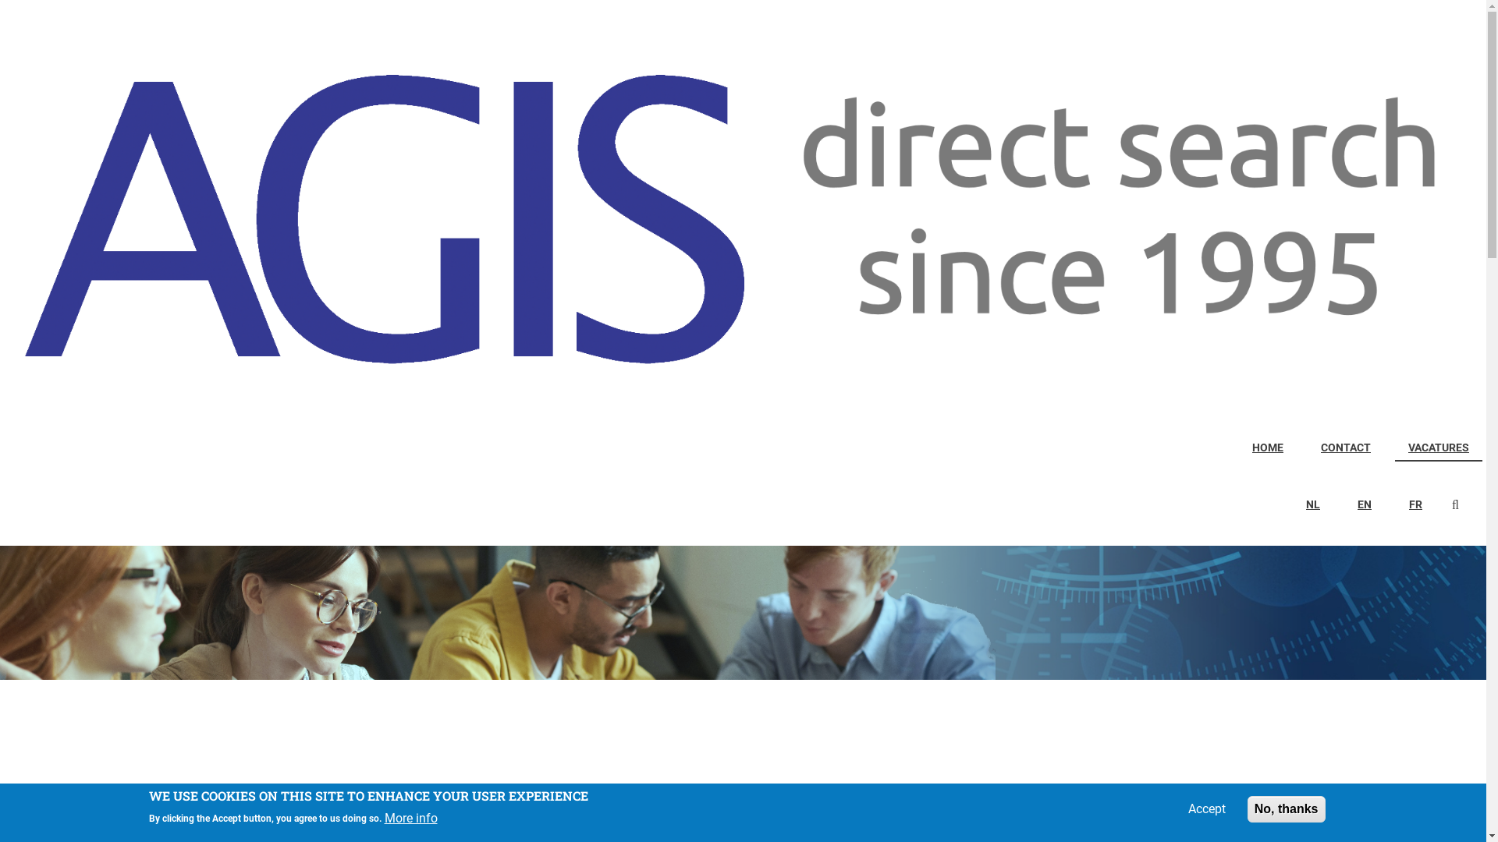 The image size is (1498, 842). I want to click on 'VACATURES', so click(1437, 448).